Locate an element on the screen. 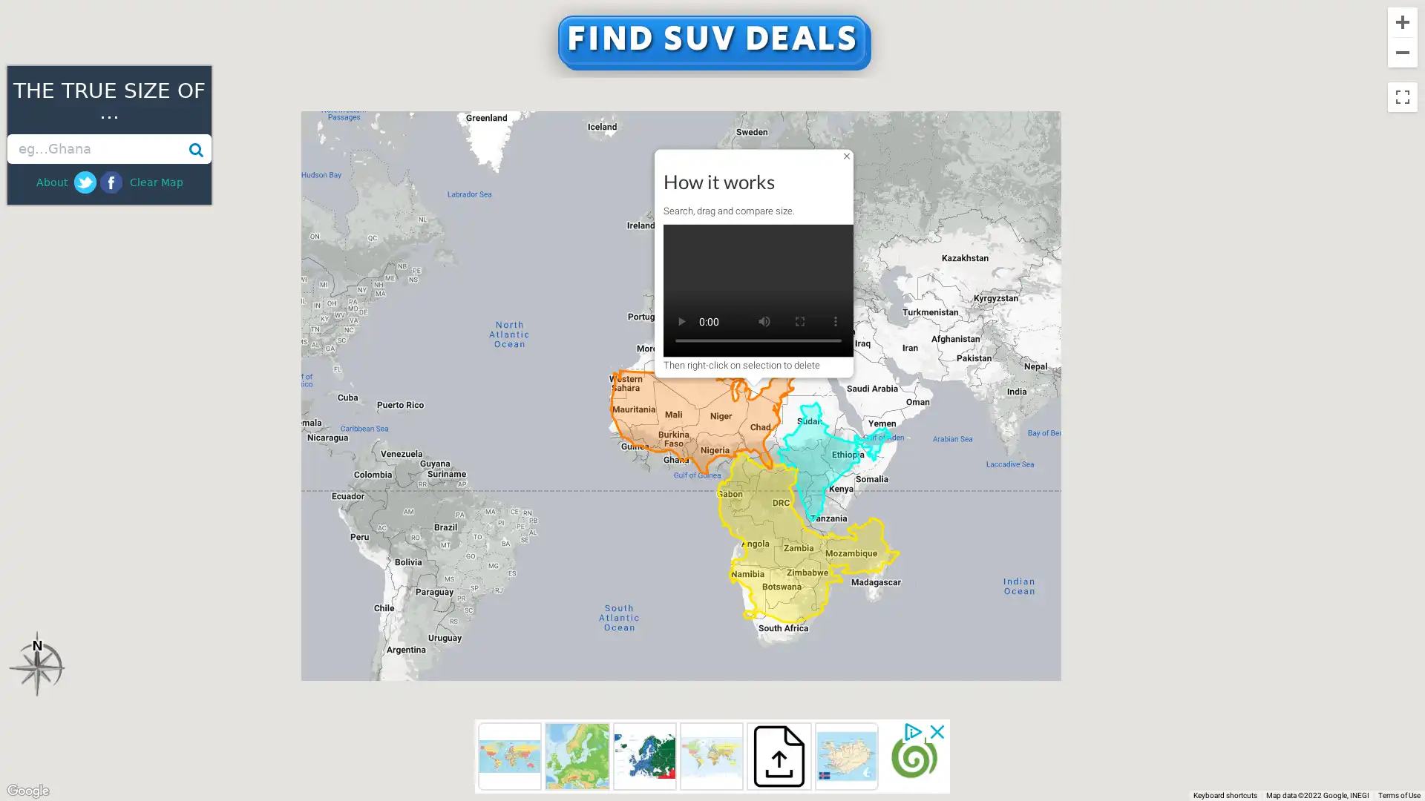 Image resolution: width=1425 pixels, height=801 pixels. Toggle fullscreen view is located at coordinates (1402, 97).